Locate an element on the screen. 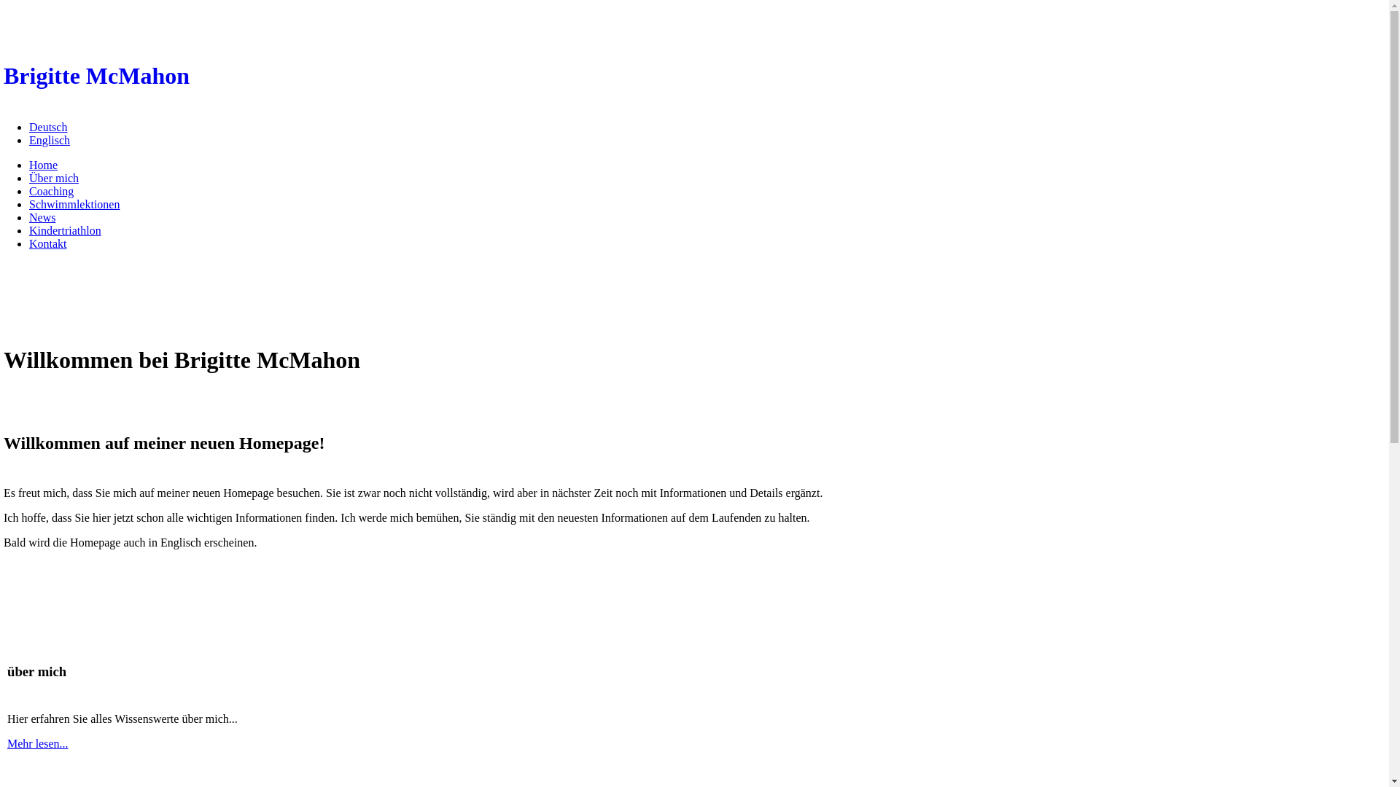  'Kontakt' is located at coordinates (48, 243).